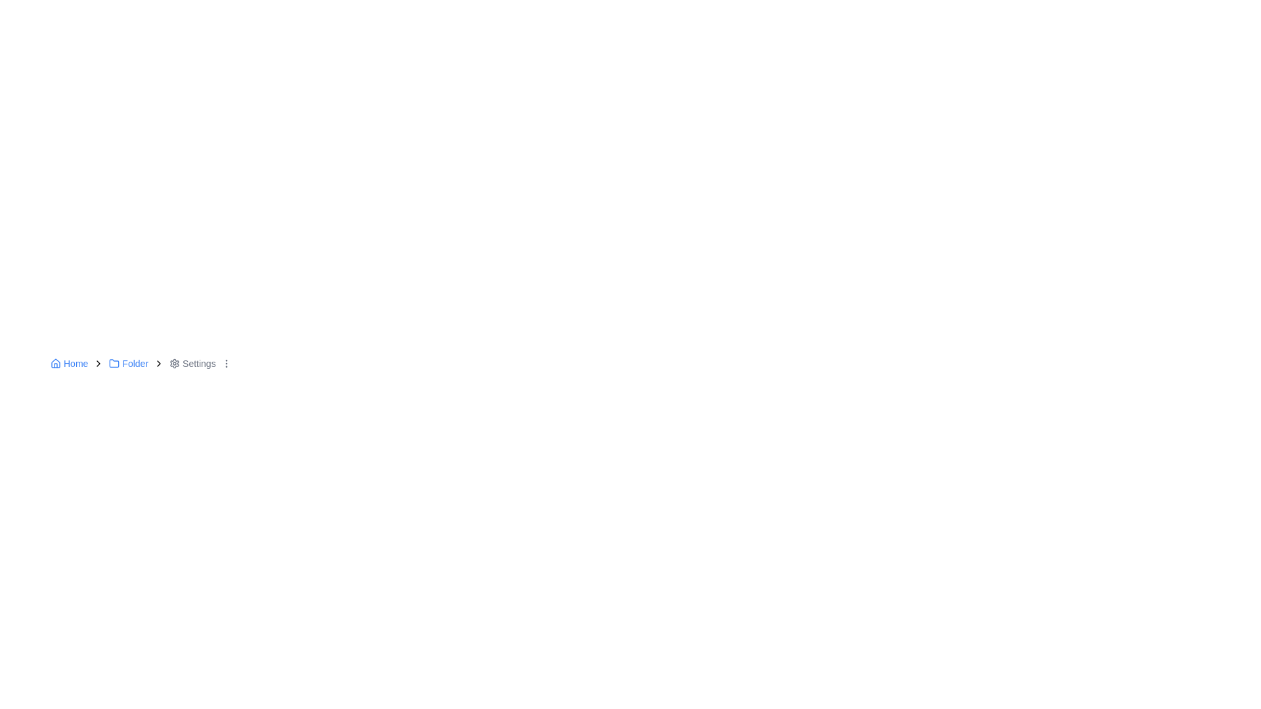  I want to click on the small right-facing chevron icon located immediately after the text 'Home' in the breadcrumb navigation bar, so click(98, 364).